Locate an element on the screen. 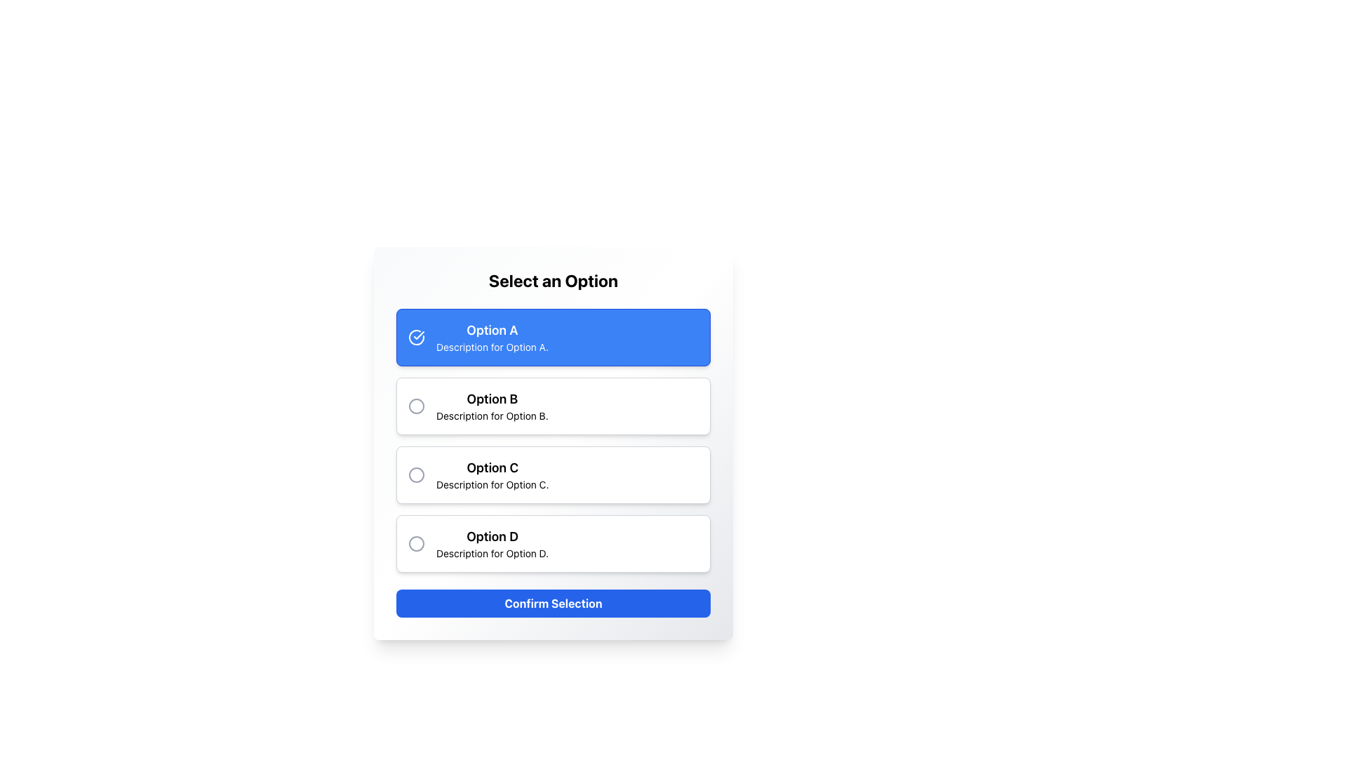 This screenshot has height=758, width=1347. the circular radio button with a gray outline adjacent to the text 'Option B' is located at coordinates (416, 406).